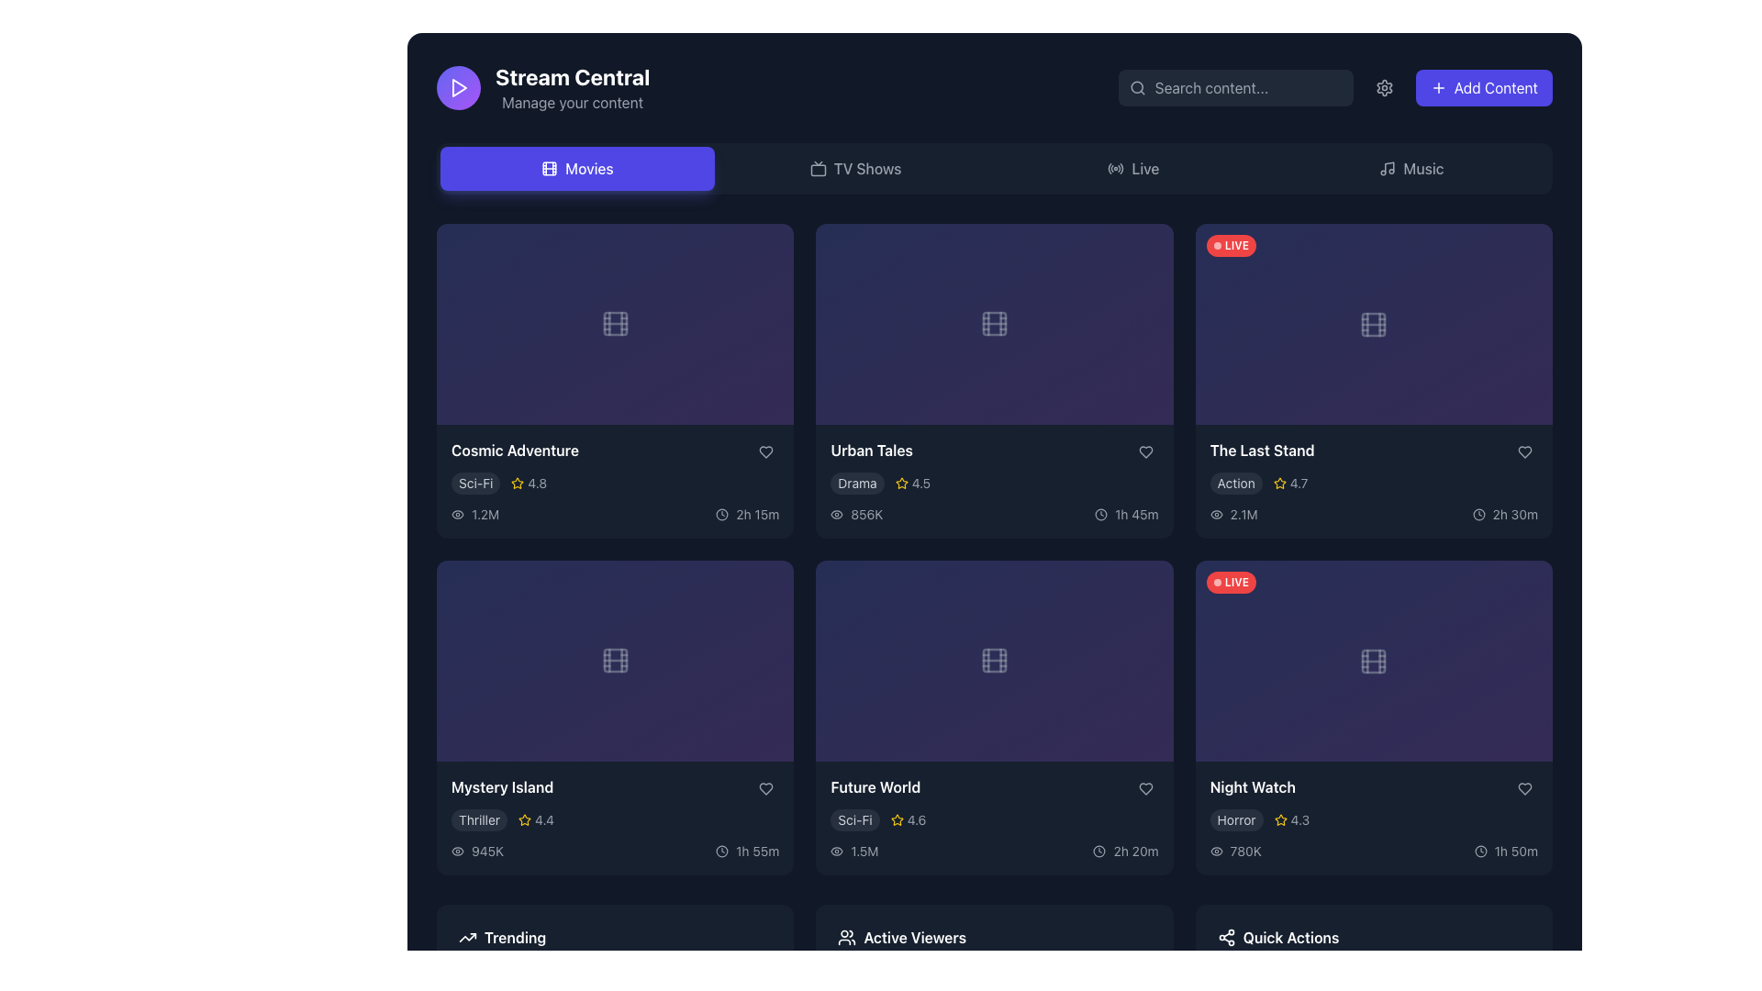 The width and height of the screenshot is (1762, 991). Describe the element at coordinates (572, 102) in the screenshot. I see `the descriptive text label positioned below the main heading 'Stream Central', which provides contextual information for user navigation` at that location.